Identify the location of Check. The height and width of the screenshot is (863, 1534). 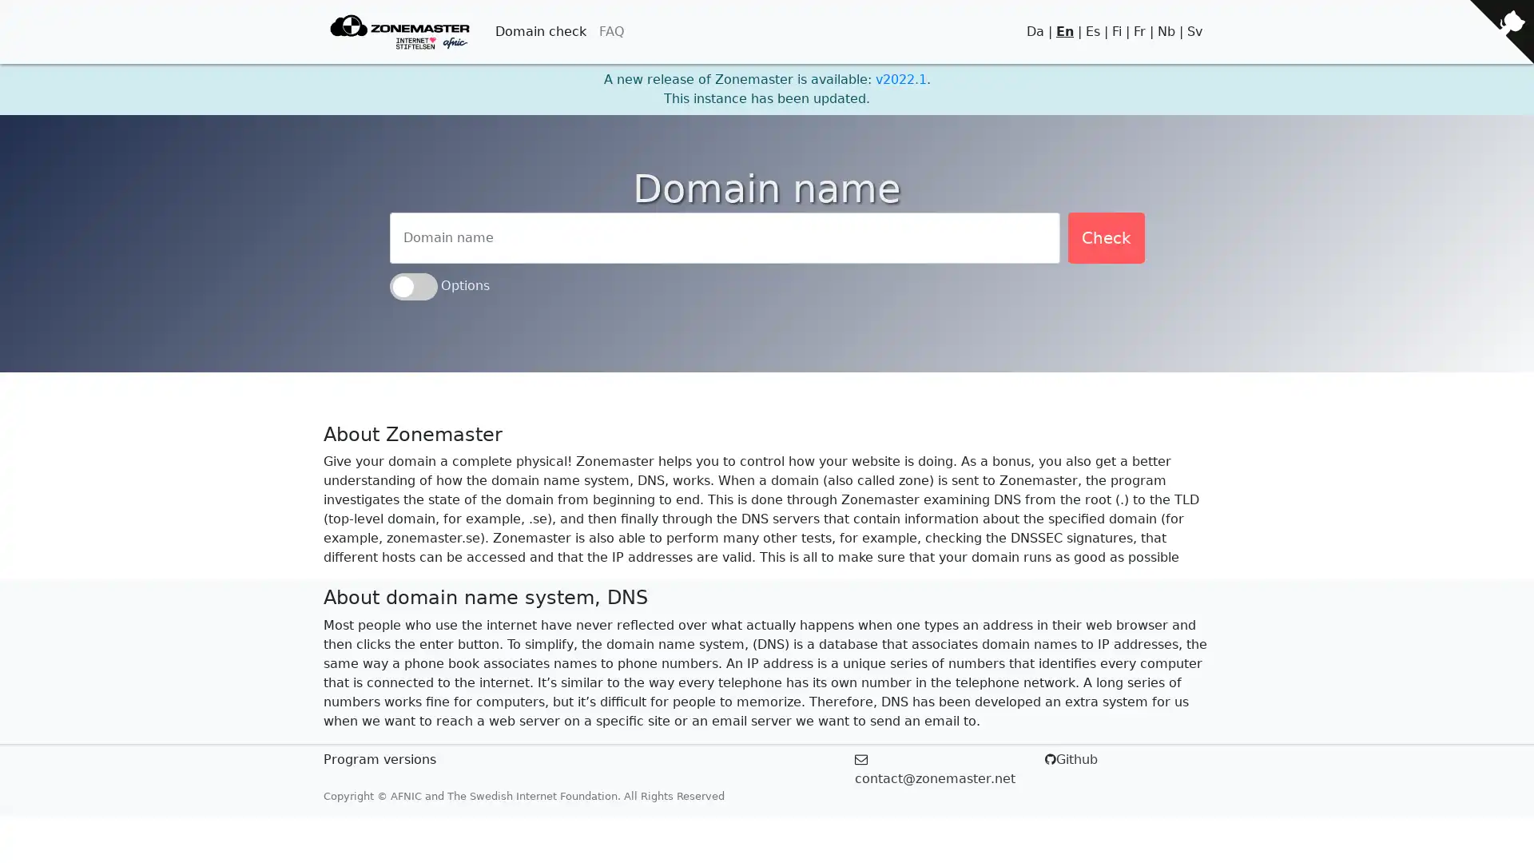
(1104, 237).